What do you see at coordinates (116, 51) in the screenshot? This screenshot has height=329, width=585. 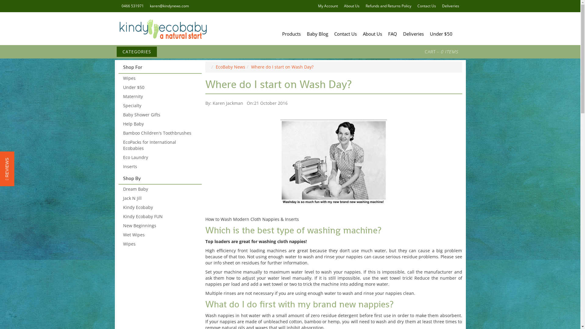 I see `'CATEGORIES'` at bounding box center [116, 51].